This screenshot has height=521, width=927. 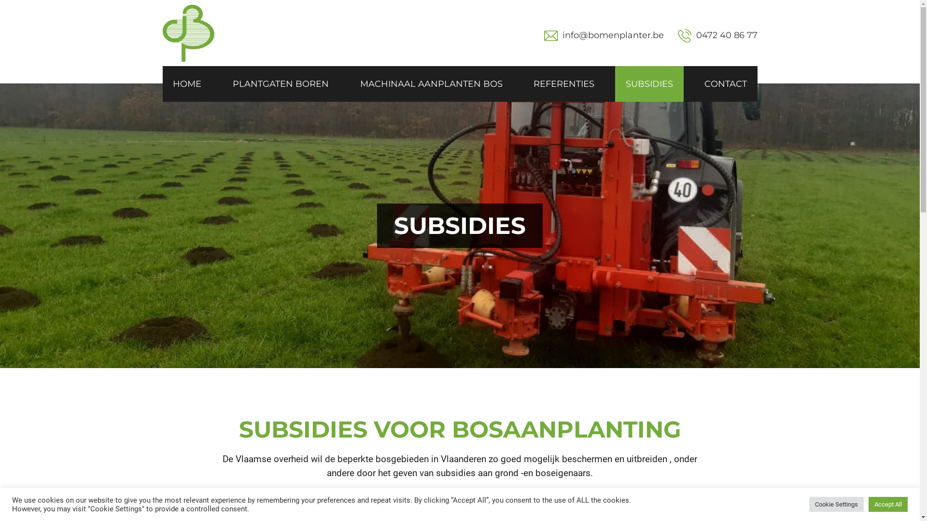 I want to click on 'REFERENTIES', so click(x=522, y=83).